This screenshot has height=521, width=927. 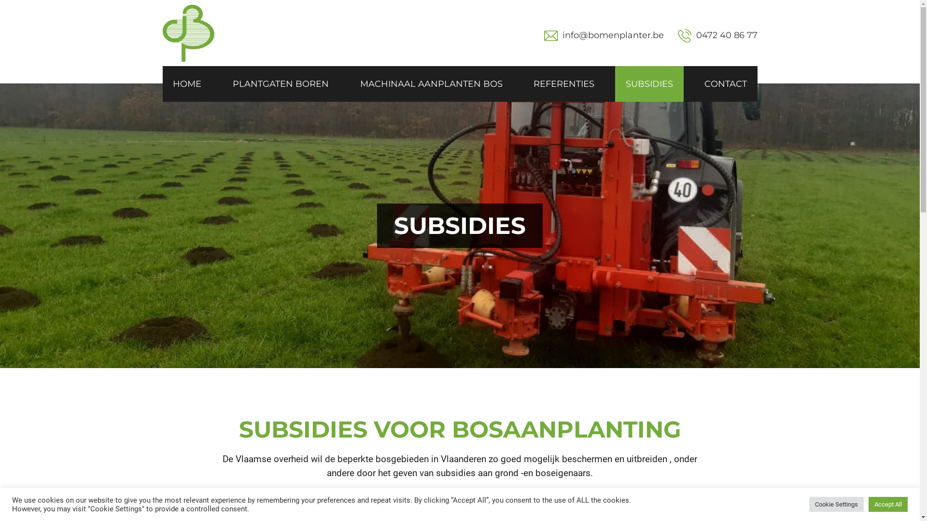 I want to click on 'REFERENTIES', so click(x=522, y=83).